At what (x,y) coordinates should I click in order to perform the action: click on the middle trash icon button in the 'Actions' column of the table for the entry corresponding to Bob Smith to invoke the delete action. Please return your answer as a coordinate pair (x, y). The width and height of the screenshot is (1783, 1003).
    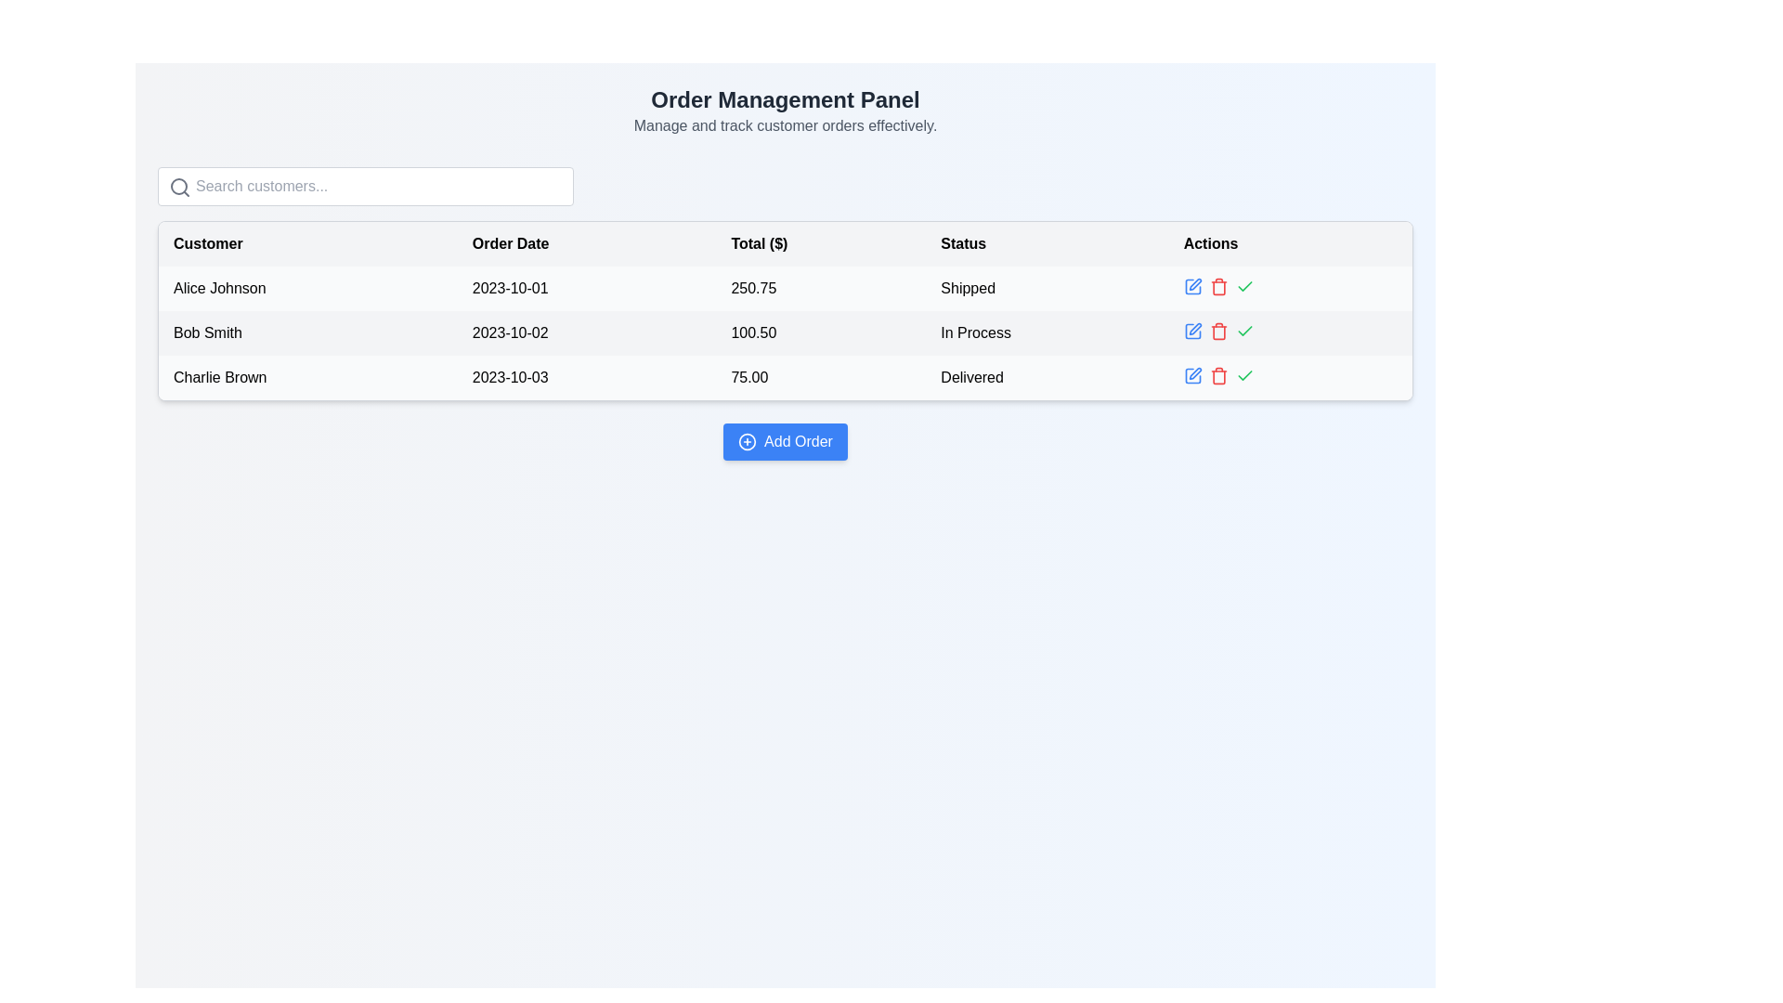
    Looking at the image, I should click on (1218, 332).